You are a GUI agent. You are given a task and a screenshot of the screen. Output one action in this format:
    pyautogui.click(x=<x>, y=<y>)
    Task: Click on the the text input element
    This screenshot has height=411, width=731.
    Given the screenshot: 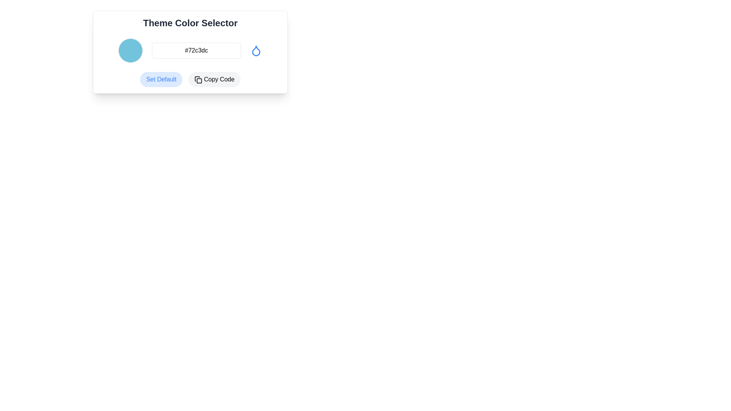 What is the action you would take?
    pyautogui.click(x=196, y=50)
    